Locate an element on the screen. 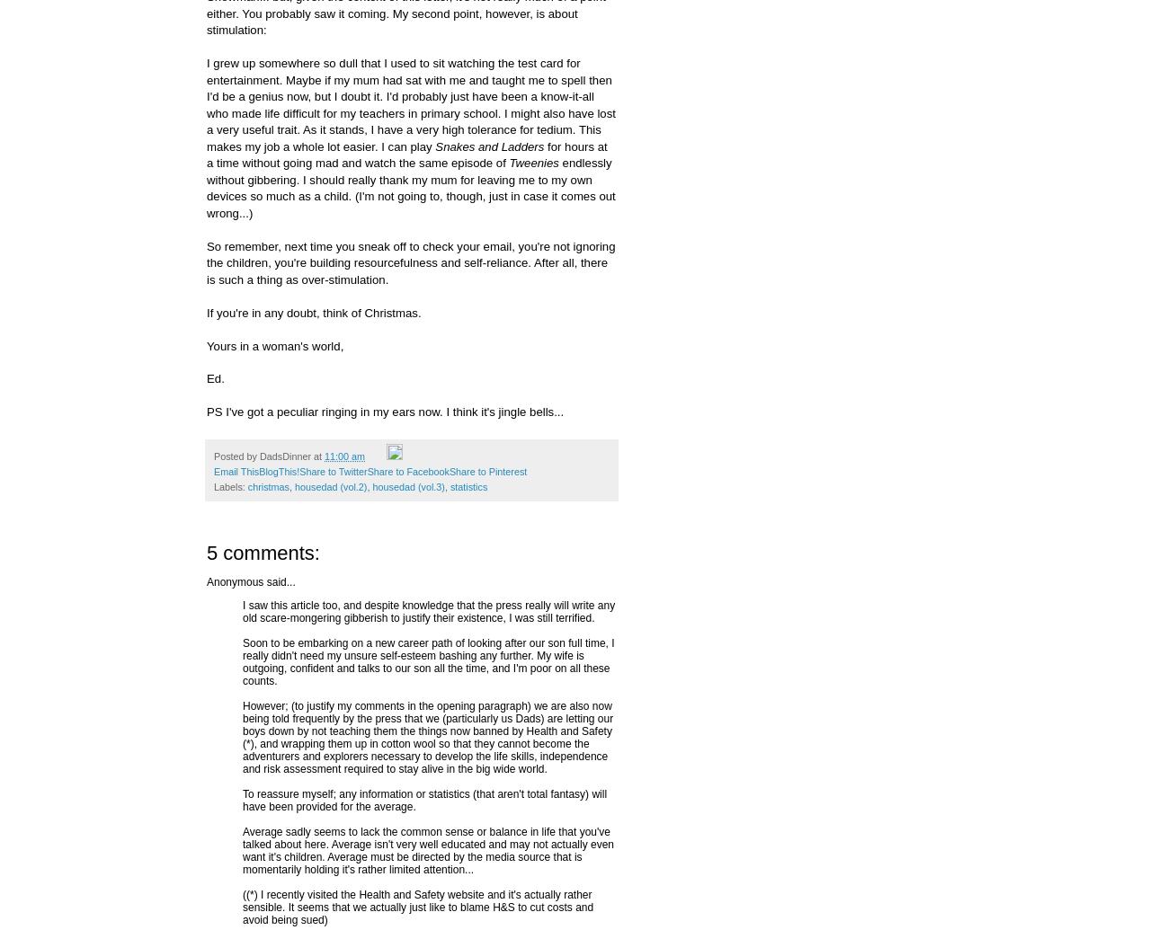 Image resolution: width=1158 pixels, height=930 pixels. 'endlessly without gibbering. I should really thank my mum for leaving me to my own devices so much as a child. (I'm not going to, though, just in case it comes out wrong...)' is located at coordinates (410, 187).